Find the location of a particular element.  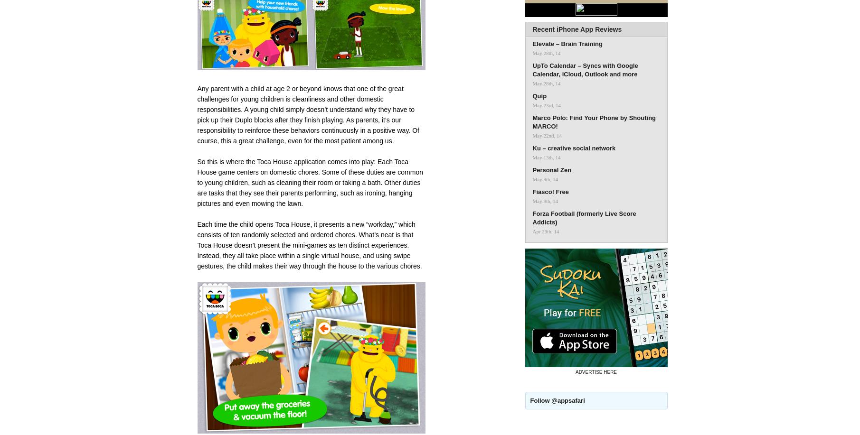

'Any parent with a child at age 2 or beyond knows that one of the great challenges for young children is cleanliness and other domestic responsibilities. A young child simply doesn’t understand why they have to pick up their Duplo blocks after they finish playing. As parents, it’s our responsibility to reinforce these behaviors continuously in a positive way. Of course, this a great challenge, even for the most patient among us.' is located at coordinates (308, 114).